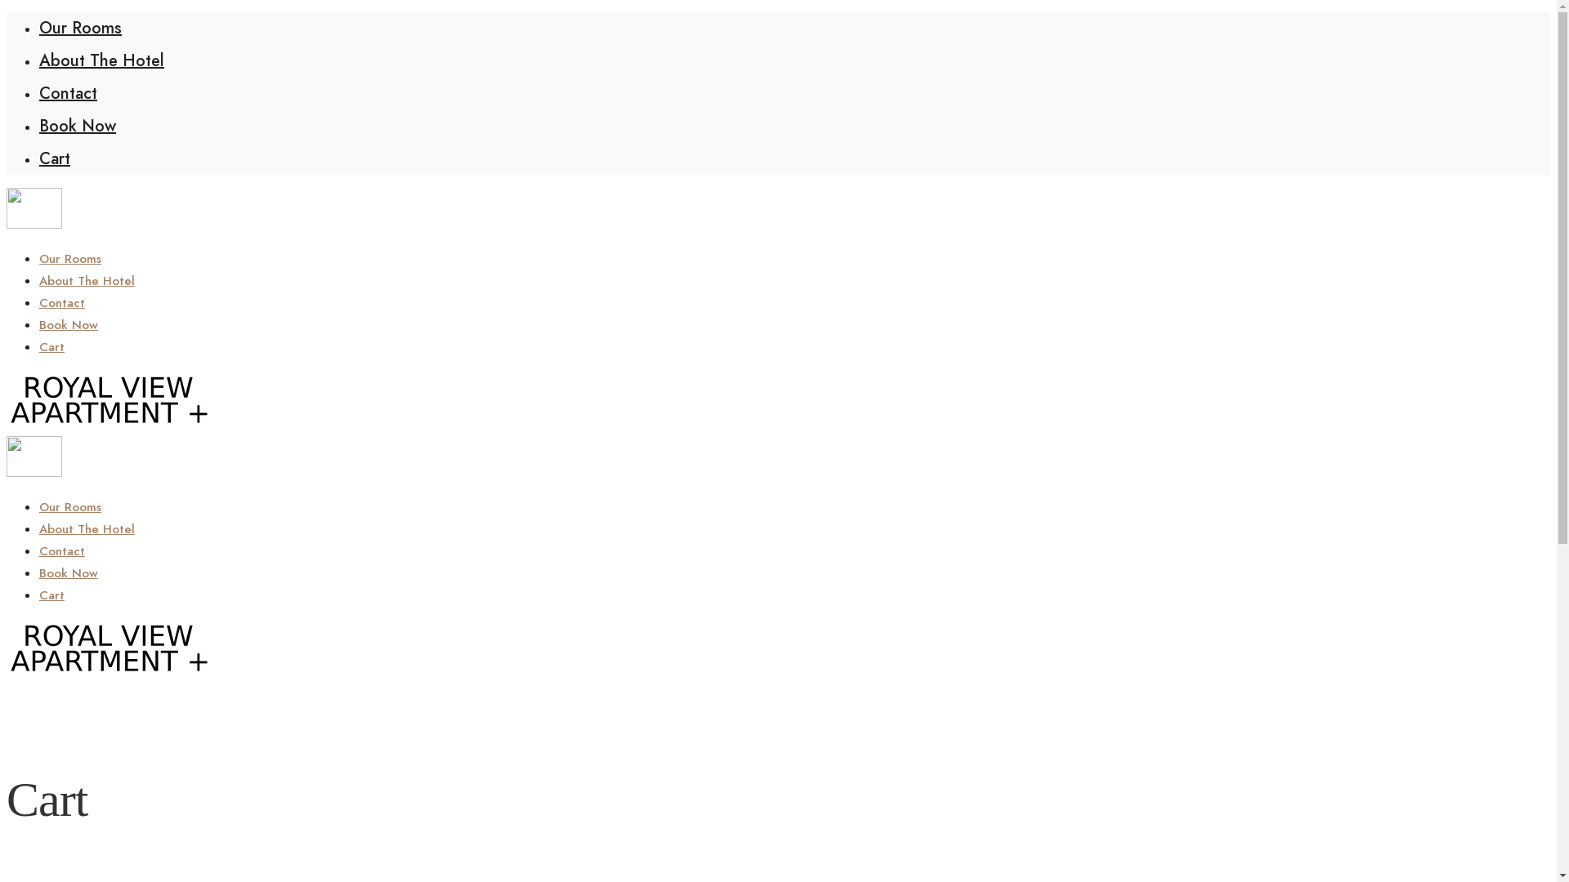 Image resolution: width=1569 pixels, height=882 pixels. Describe the element at coordinates (62, 302) in the screenshot. I see `'Contact'` at that location.